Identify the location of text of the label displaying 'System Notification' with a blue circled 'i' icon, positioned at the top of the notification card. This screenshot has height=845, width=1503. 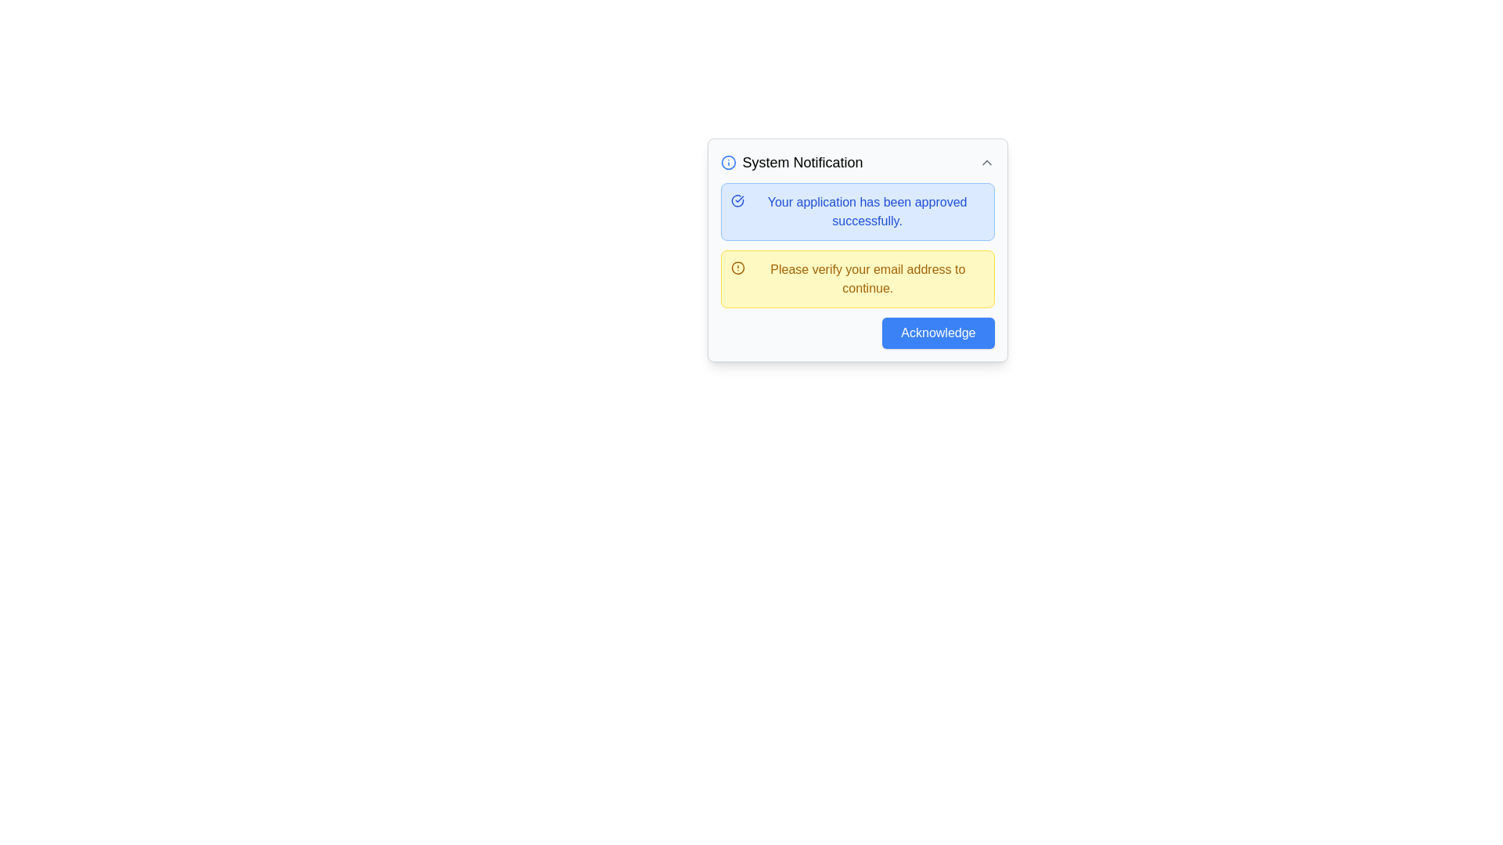
(791, 163).